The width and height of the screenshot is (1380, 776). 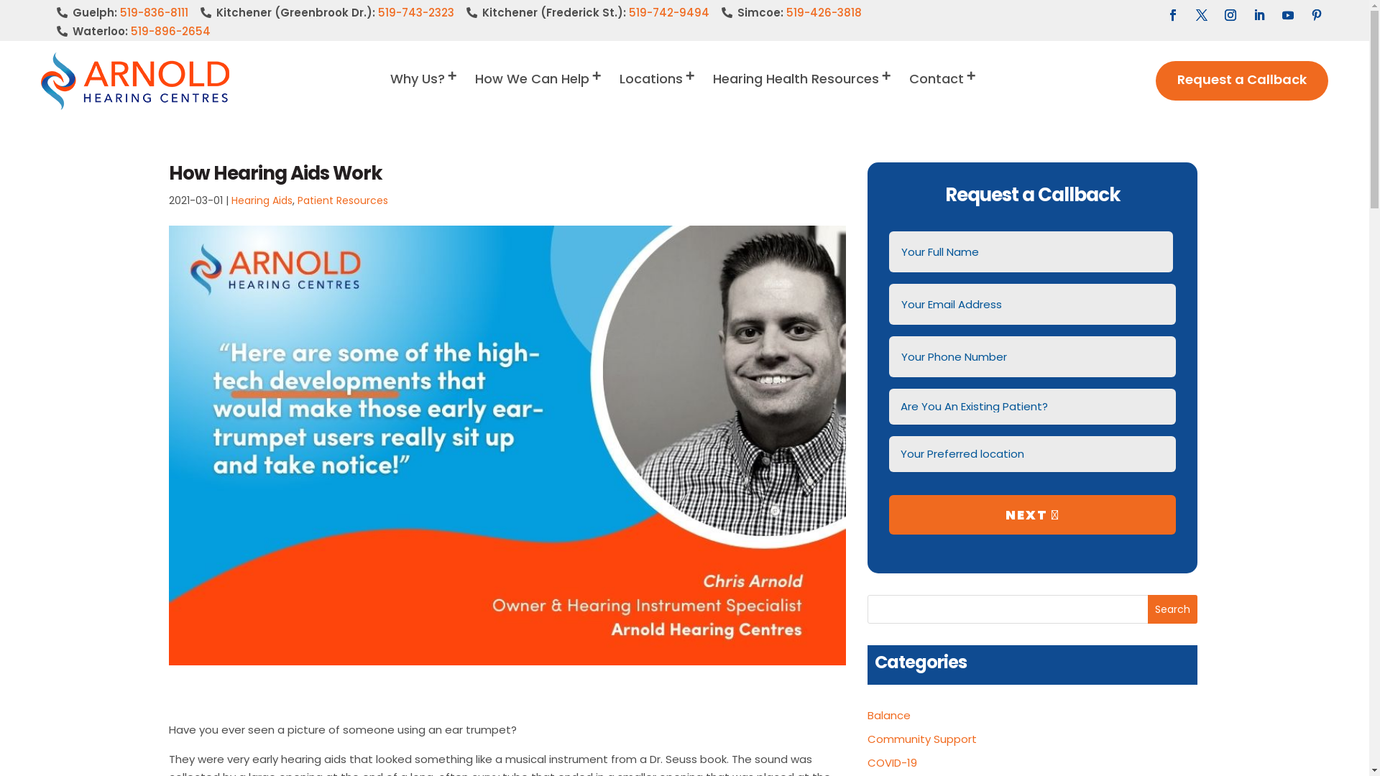 I want to click on 'Why Us?', so click(x=390, y=91).